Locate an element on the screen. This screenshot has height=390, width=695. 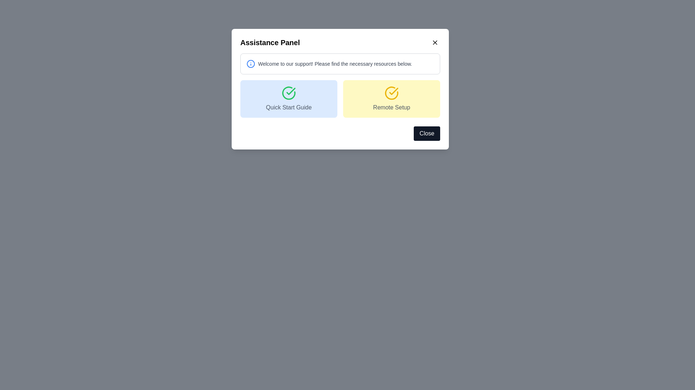
the button located at the top-right section of the Assistance Panel is located at coordinates (391, 99).